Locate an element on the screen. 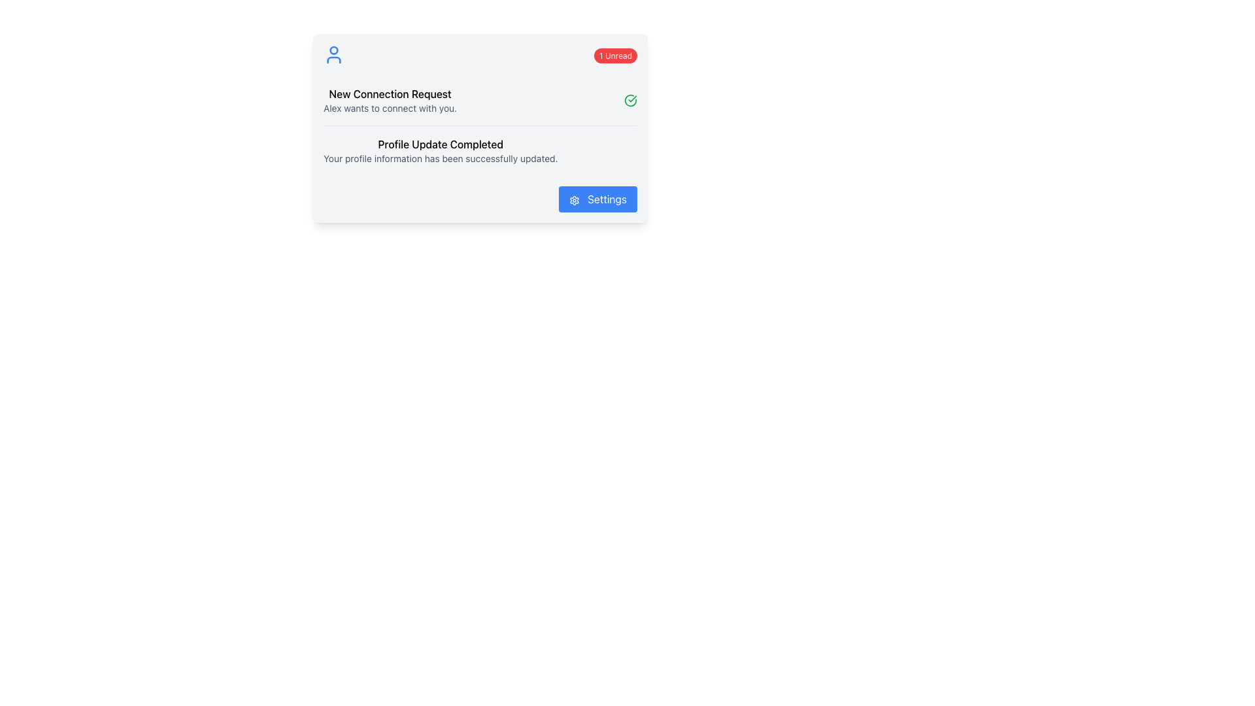 Image resolution: width=1255 pixels, height=706 pixels. text from the Text Block that displays 'New Connection Request' and 'Alex wants to connect with you.' is located at coordinates (390, 100).